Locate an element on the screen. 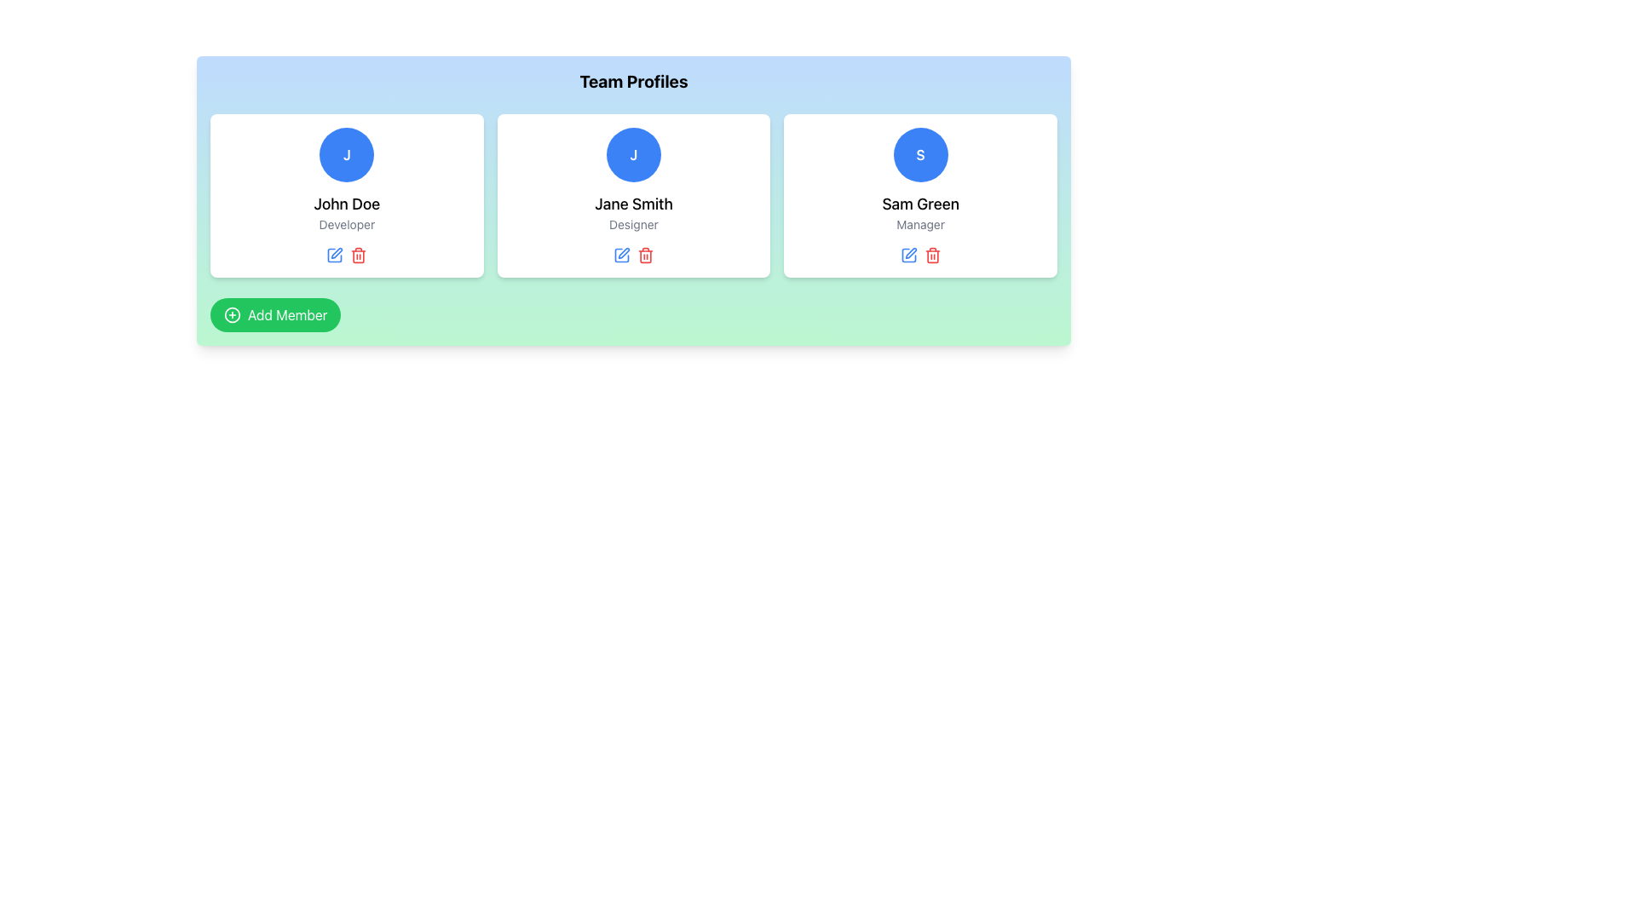  the circular profile icon with a blue background and white 'S' text, located above the name 'Sam Green' in the 'Team Profiles' section is located at coordinates (919, 154).